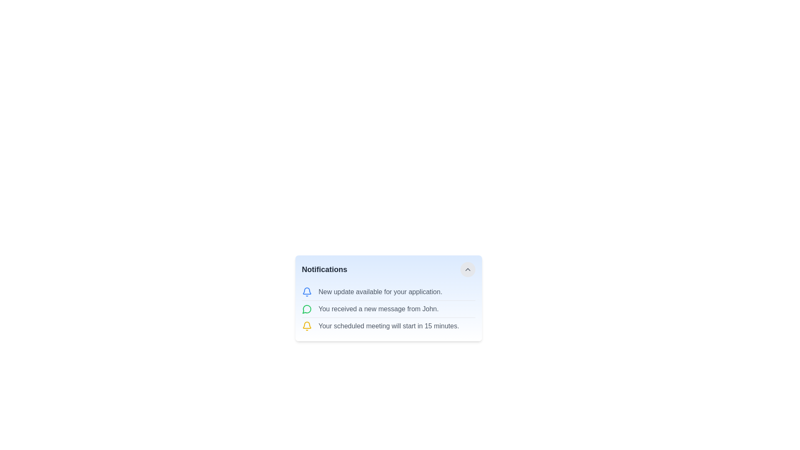 This screenshot has width=800, height=450. What do you see at coordinates (388, 292) in the screenshot?
I see `the Notification item that informs the user about an application update, positioned at the top of the notifications list under the 'Notifications' heading` at bounding box center [388, 292].